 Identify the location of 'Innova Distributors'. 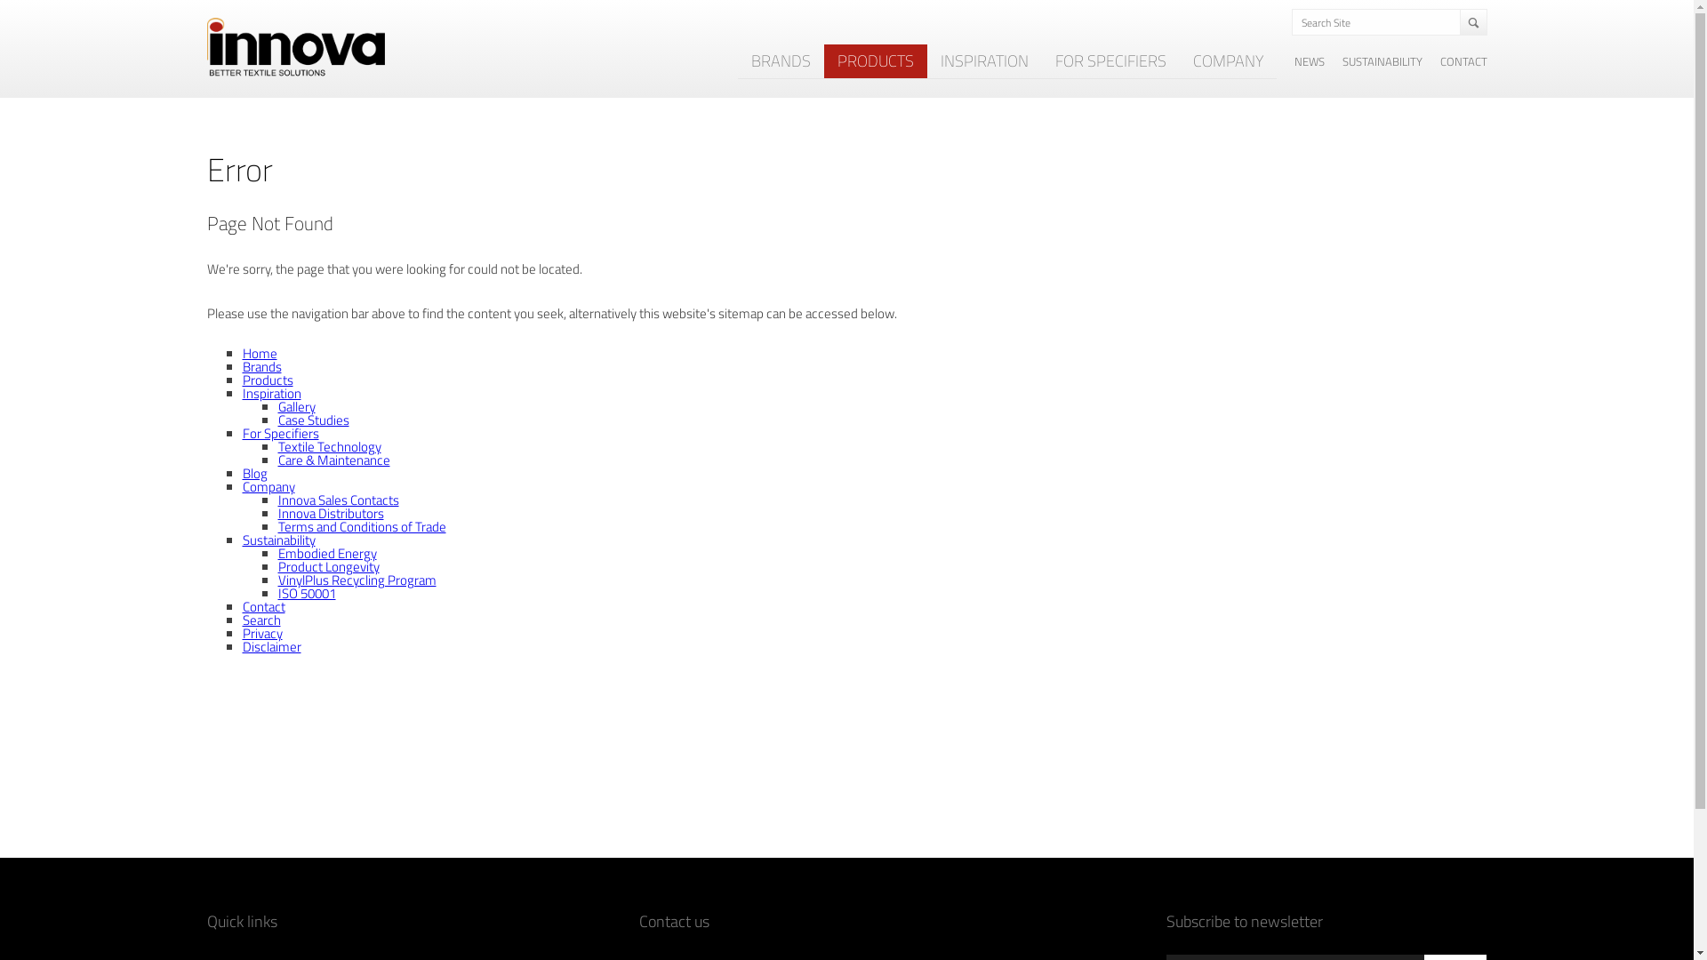
(330, 513).